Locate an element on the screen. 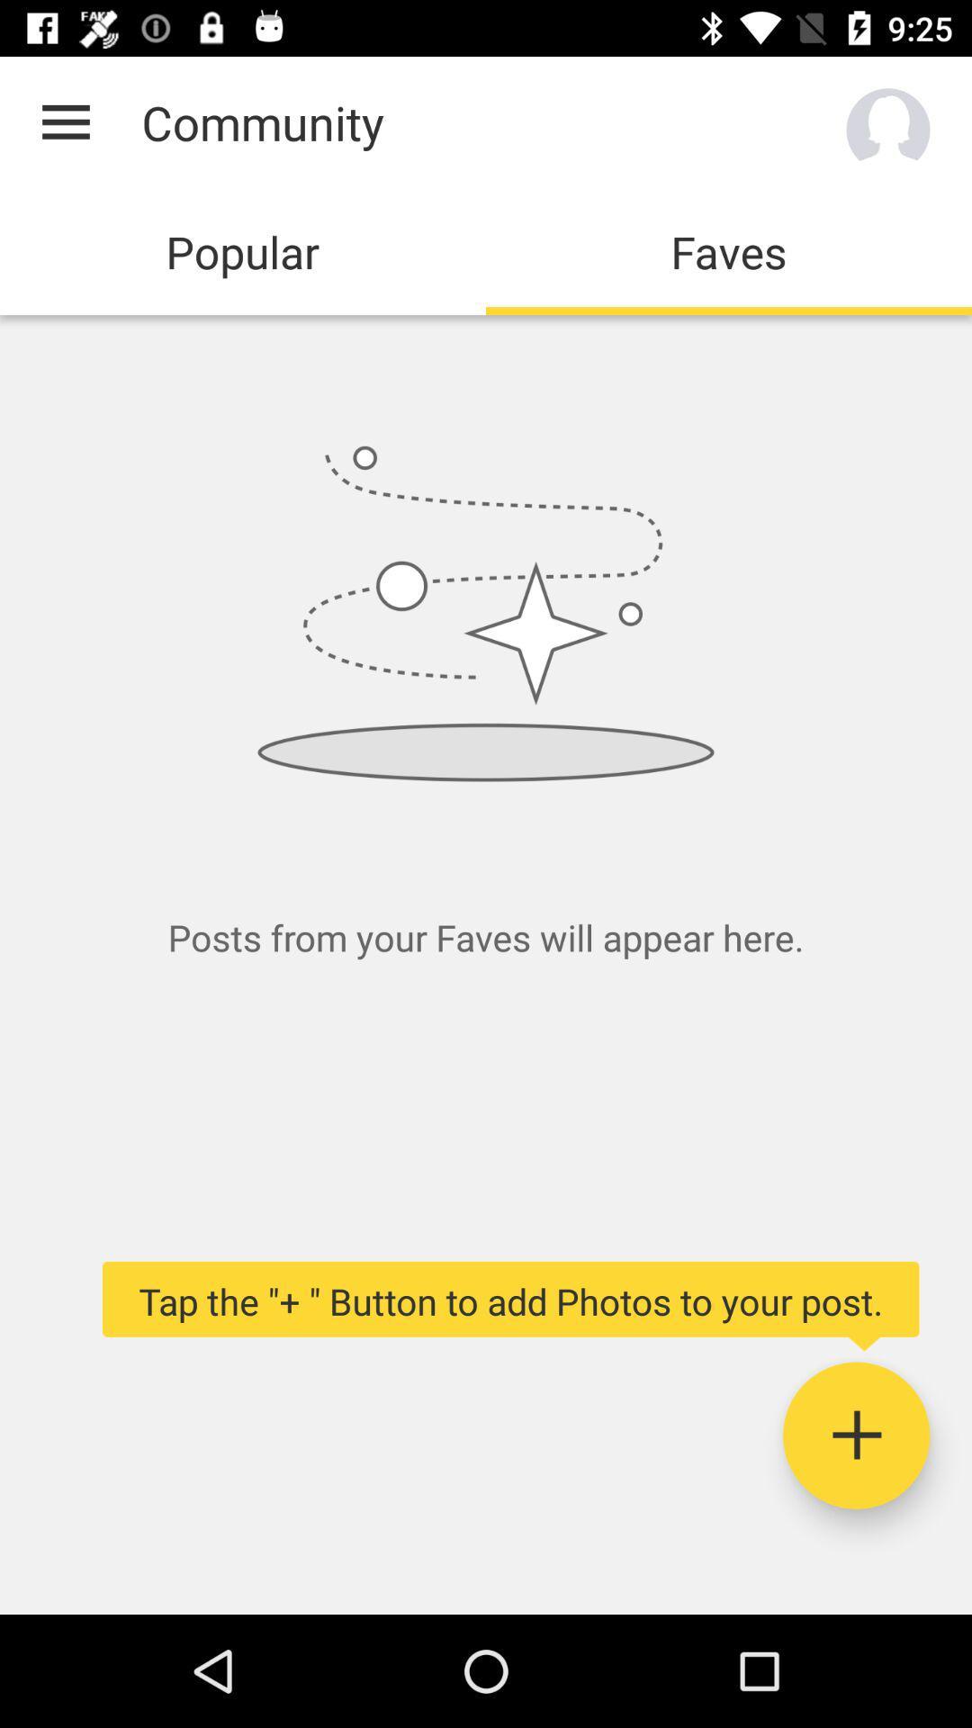 This screenshot has height=1728, width=972. the add icon is located at coordinates (855, 1435).